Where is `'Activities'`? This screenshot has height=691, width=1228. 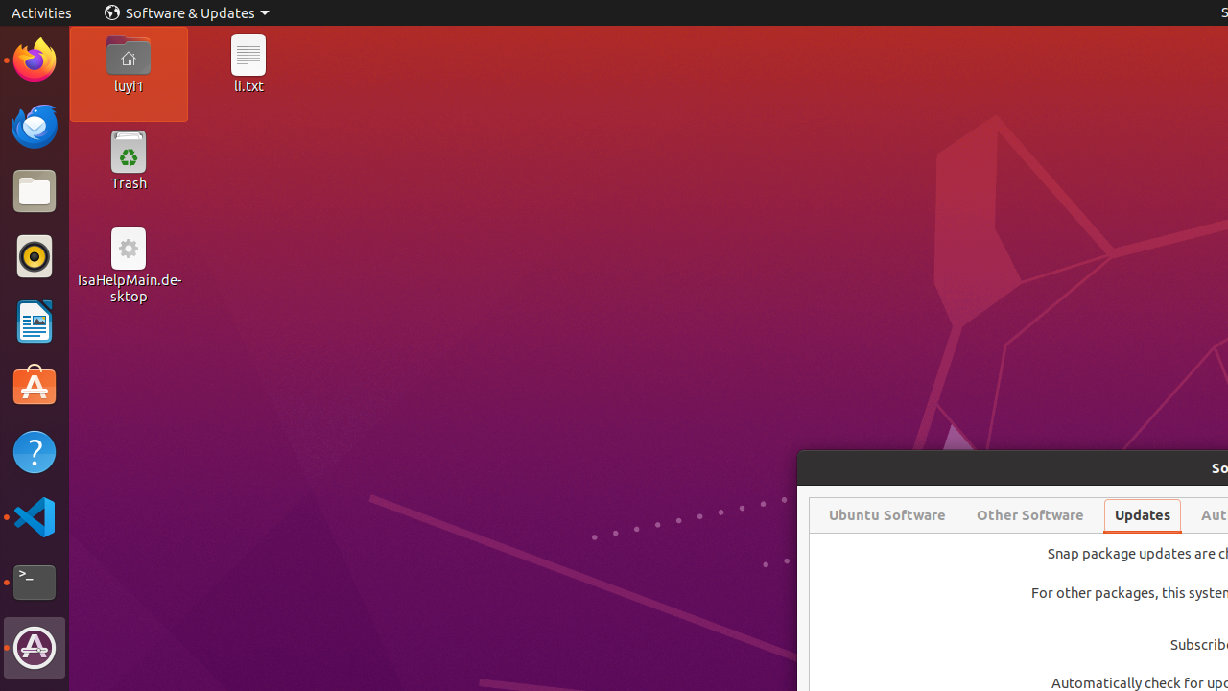 'Activities' is located at coordinates (41, 12).